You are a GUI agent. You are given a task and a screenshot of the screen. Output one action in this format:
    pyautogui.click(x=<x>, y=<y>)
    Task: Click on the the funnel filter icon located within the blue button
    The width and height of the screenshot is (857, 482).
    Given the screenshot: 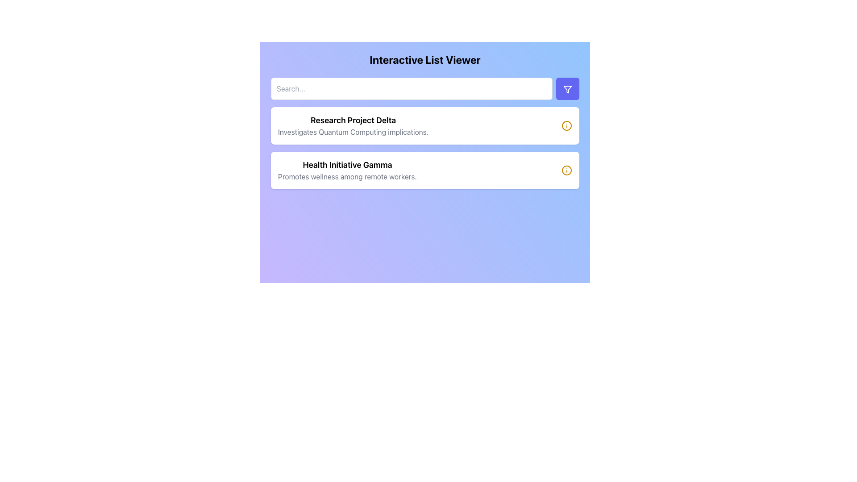 What is the action you would take?
    pyautogui.click(x=567, y=89)
    